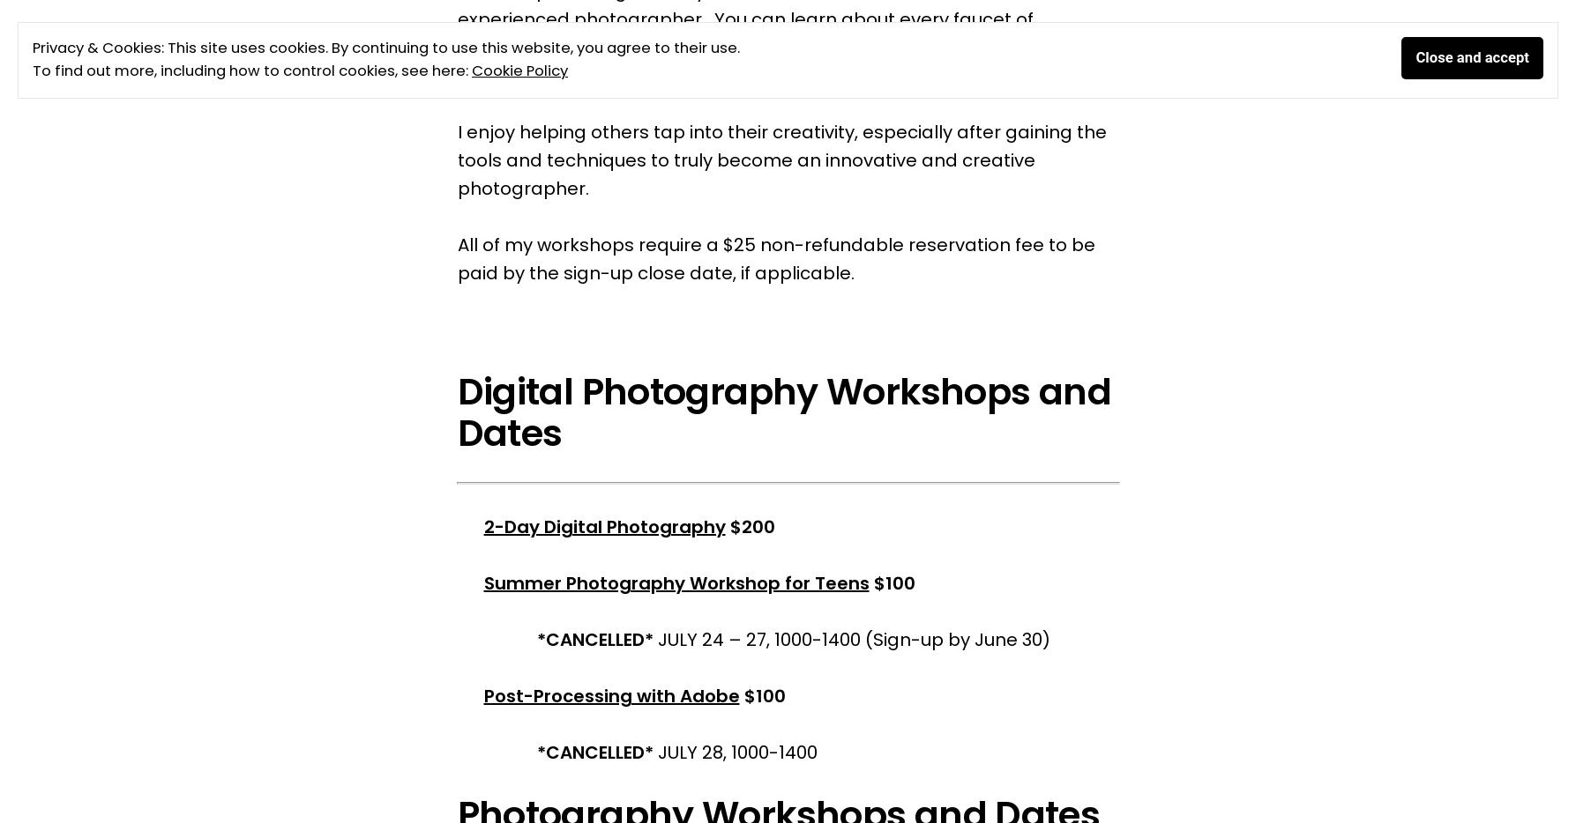 The image size is (1576, 823). I want to click on 'I enjoy helping others tap into their creativity, especially after gaining the tools and techniques to truly become an innovative and creative photographer.', so click(781, 160).